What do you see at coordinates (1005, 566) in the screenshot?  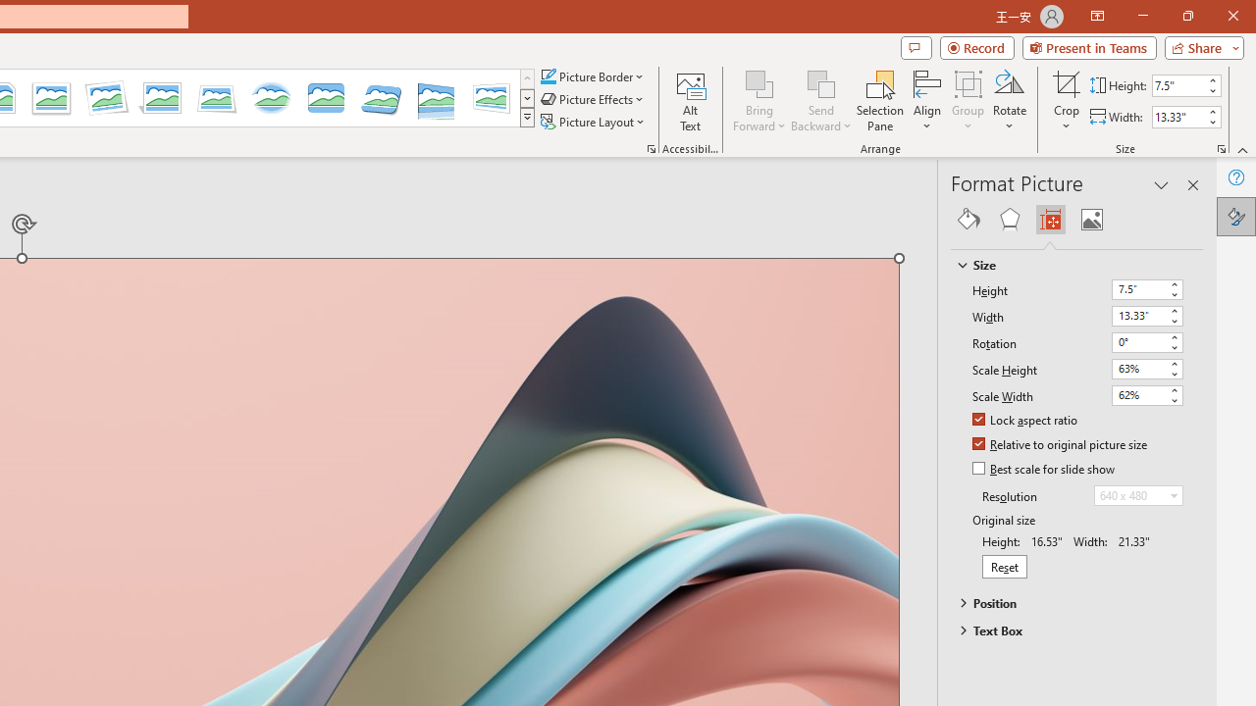 I see `'Reset'` at bounding box center [1005, 566].